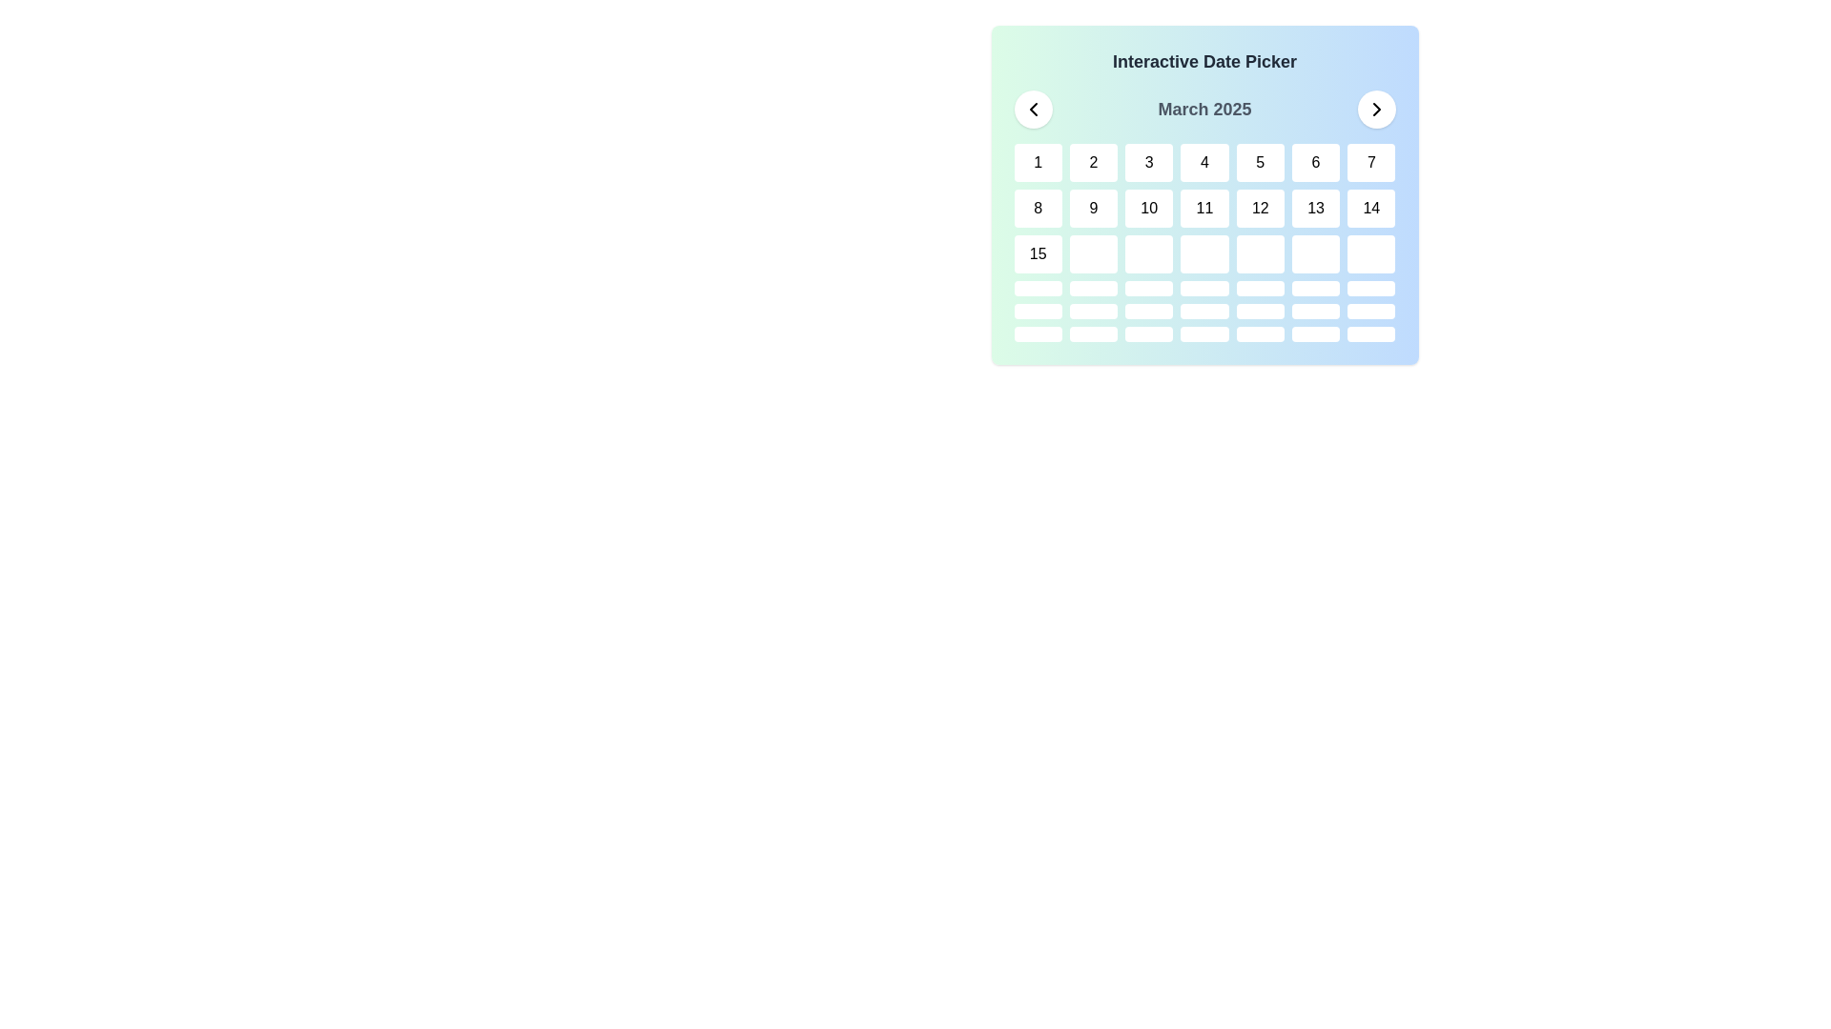 This screenshot has width=1831, height=1029. Describe the element at coordinates (1204, 333) in the screenshot. I see `the 4th button in the 5th row of a grid structure, which is styled with rounded corners and has a white background that changes to gray when hovered over` at that location.